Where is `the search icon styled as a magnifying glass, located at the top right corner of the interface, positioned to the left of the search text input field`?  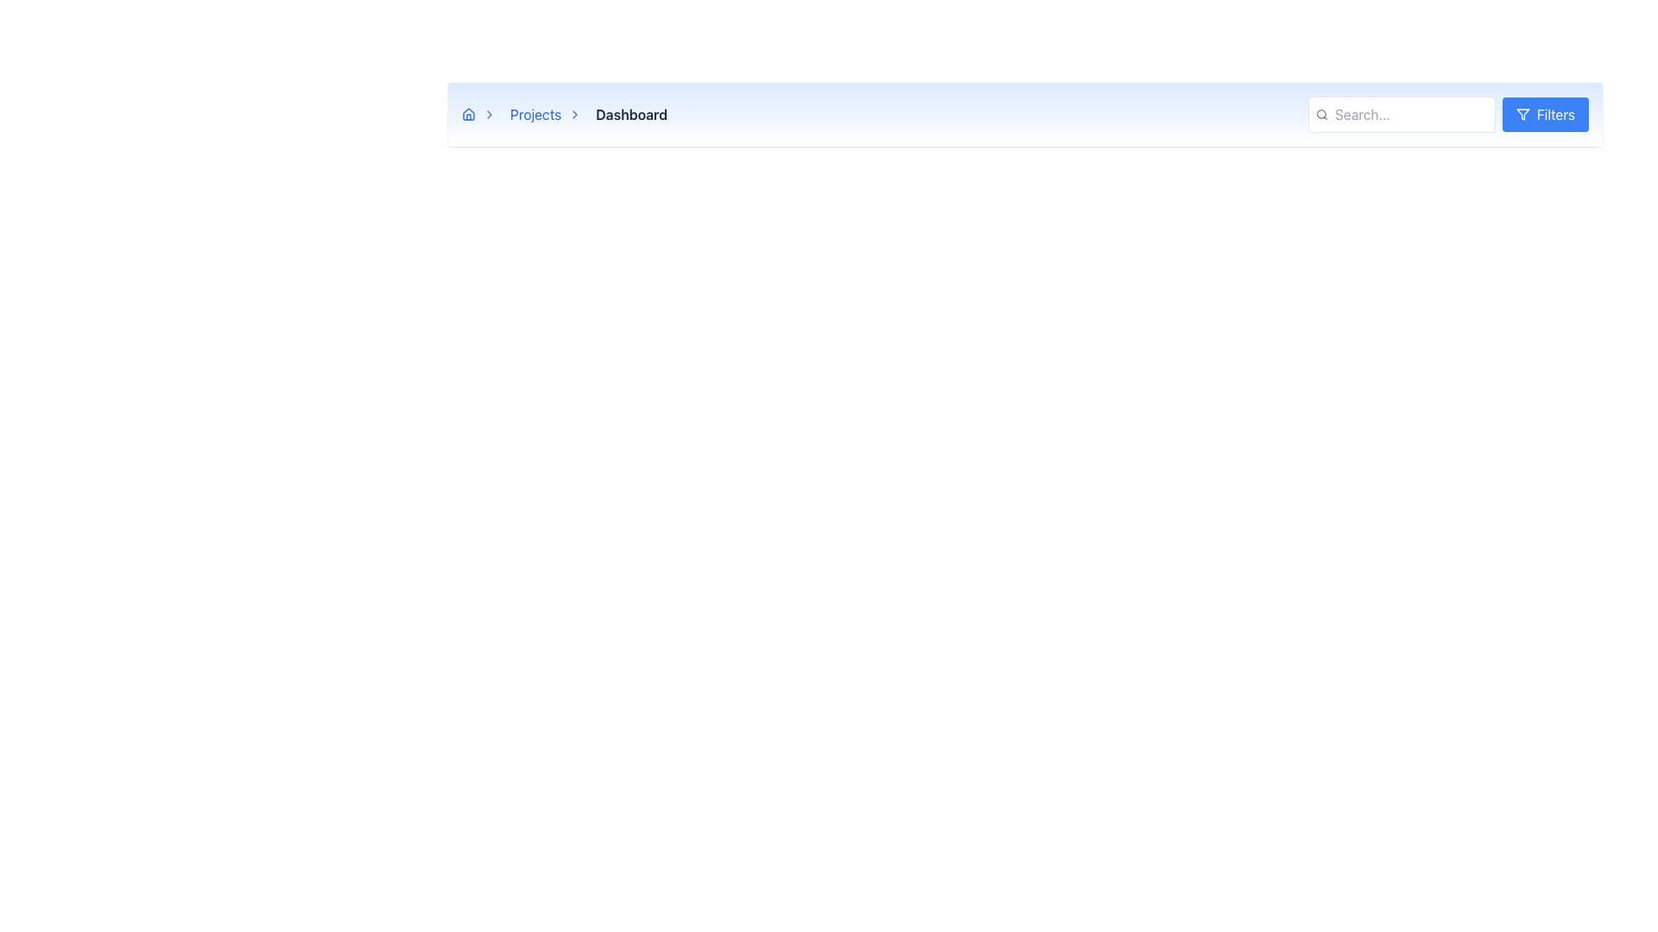 the search icon styled as a magnifying glass, located at the top right corner of the interface, positioned to the left of the search text input field is located at coordinates (1321, 114).